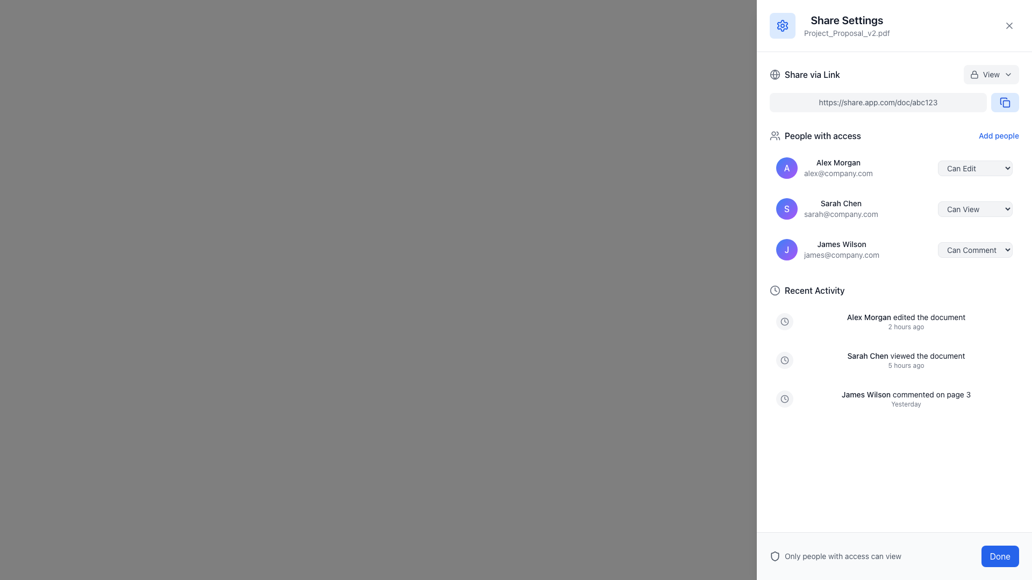 The height and width of the screenshot is (580, 1032). What do you see at coordinates (1003, 101) in the screenshot?
I see `the button icon located in the top-right corner of the user interface to copy the shareable link to the clipboard` at bounding box center [1003, 101].